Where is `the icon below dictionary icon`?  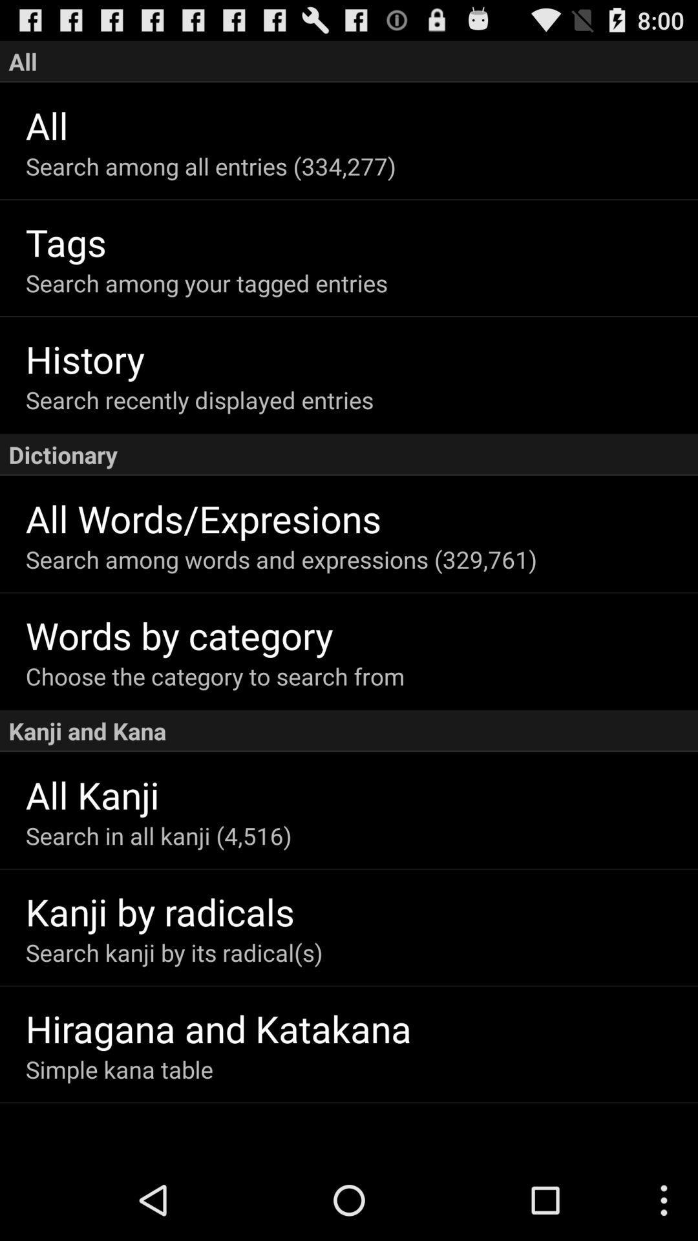
the icon below dictionary icon is located at coordinates (361, 518).